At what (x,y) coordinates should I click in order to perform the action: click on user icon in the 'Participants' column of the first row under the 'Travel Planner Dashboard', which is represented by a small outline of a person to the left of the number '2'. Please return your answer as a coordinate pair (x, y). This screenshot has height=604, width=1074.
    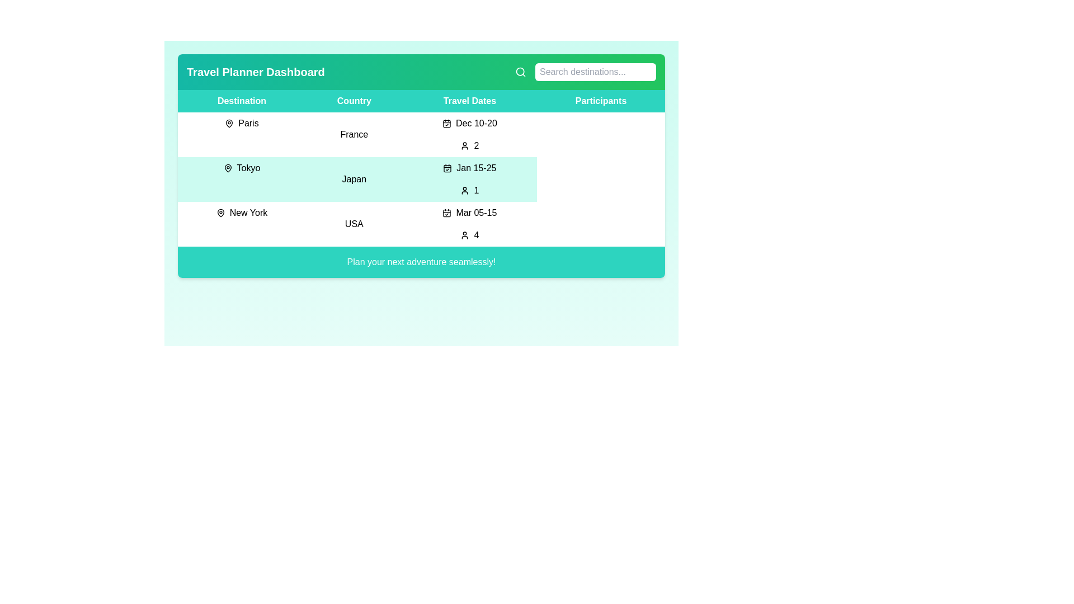
    Looking at the image, I should click on (465, 145).